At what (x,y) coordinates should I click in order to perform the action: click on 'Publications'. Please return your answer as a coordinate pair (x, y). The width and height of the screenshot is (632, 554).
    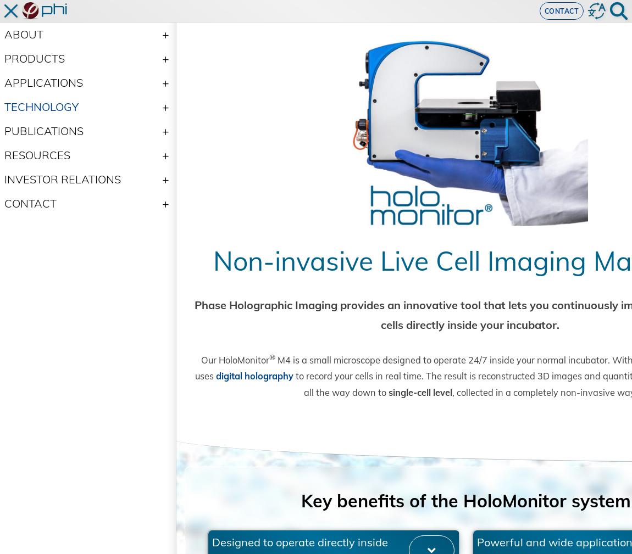
    Looking at the image, I should click on (4, 130).